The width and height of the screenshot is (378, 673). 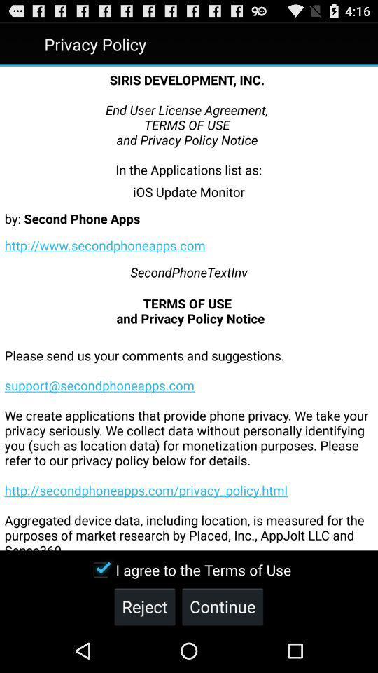 I want to click on the please send us icon, so click(x=189, y=437).